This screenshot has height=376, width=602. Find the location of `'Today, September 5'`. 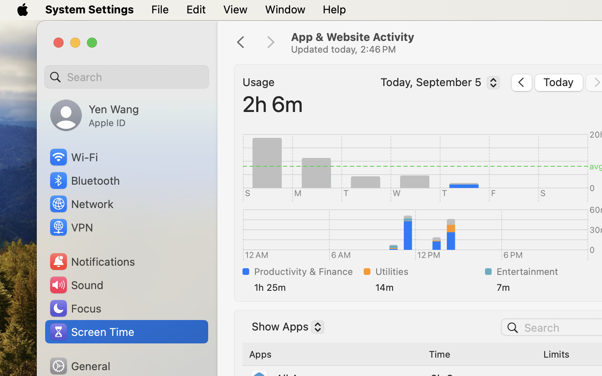

'Today, September 5' is located at coordinates (438, 84).